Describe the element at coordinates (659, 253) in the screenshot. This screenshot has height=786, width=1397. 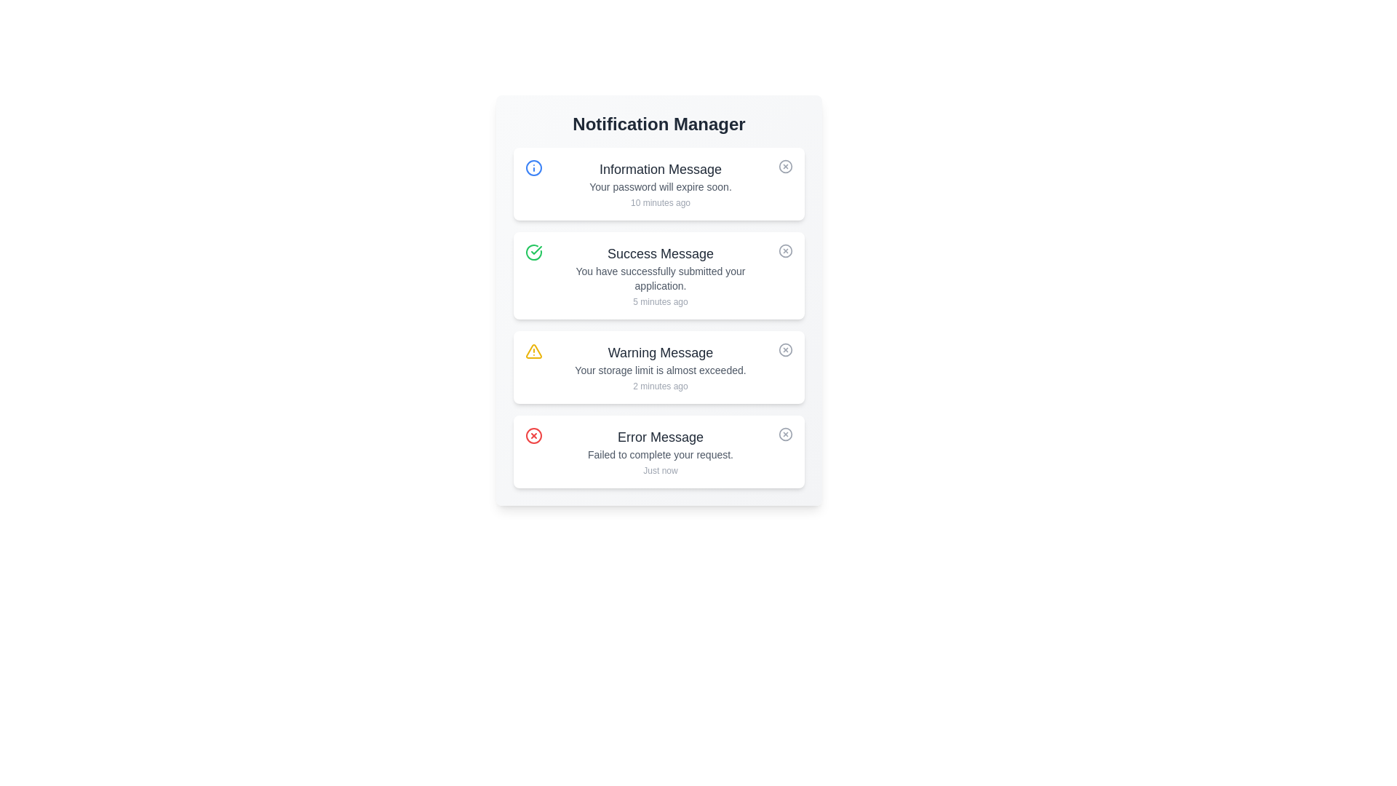
I see `the Text Label that serves as the title for the notification card, which is centrally aligned and positioned at the upper section of the card` at that location.